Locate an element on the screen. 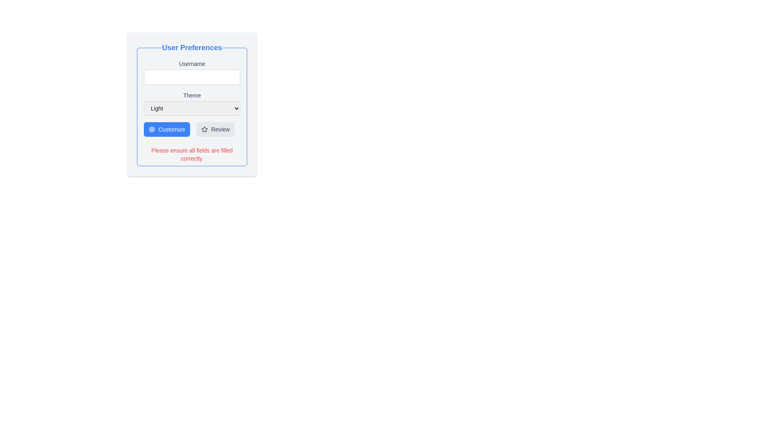 The image size is (778, 437). the leftmost button in the 'User Preferences' panel is located at coordinates (167, 129).